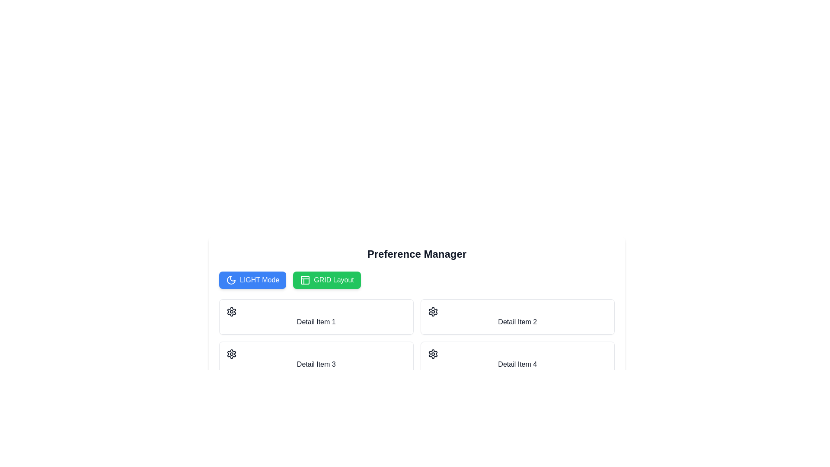 The height and width of the screenshot is (467, 830). I want to click on the gear icon located, so click(232, 354).